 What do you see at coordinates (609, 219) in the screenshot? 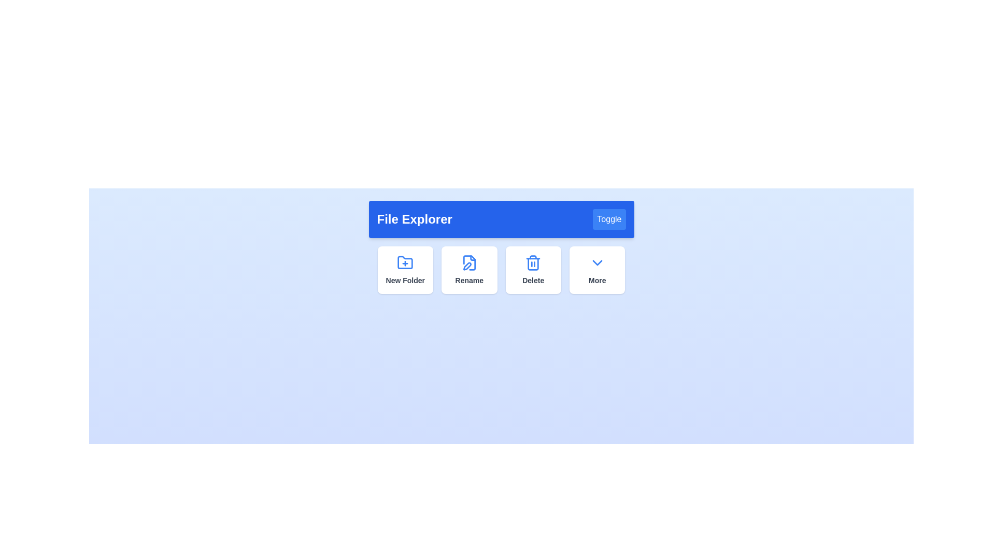
I see `the 'Toggle' button to change the visibility state of the panel` at bounding box center [609, 219].